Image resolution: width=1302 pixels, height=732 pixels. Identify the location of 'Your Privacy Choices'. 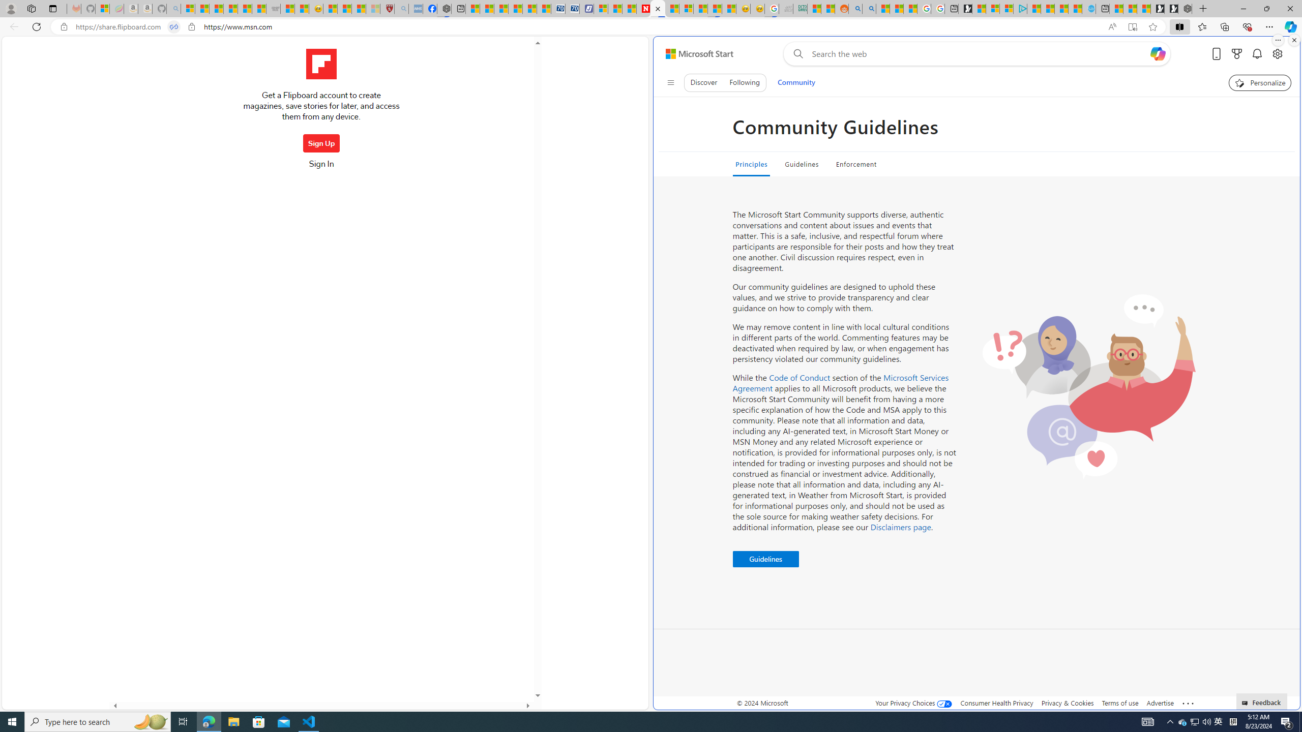
(914, 703).